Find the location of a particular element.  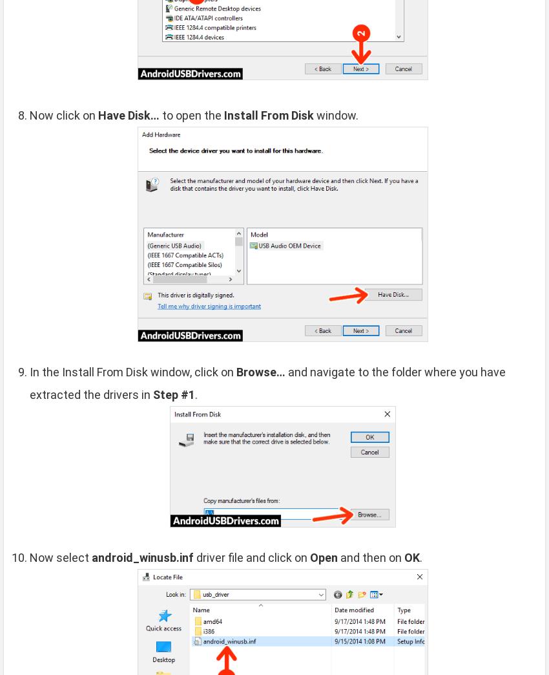

'window.' is located at coordinates (314, 114).